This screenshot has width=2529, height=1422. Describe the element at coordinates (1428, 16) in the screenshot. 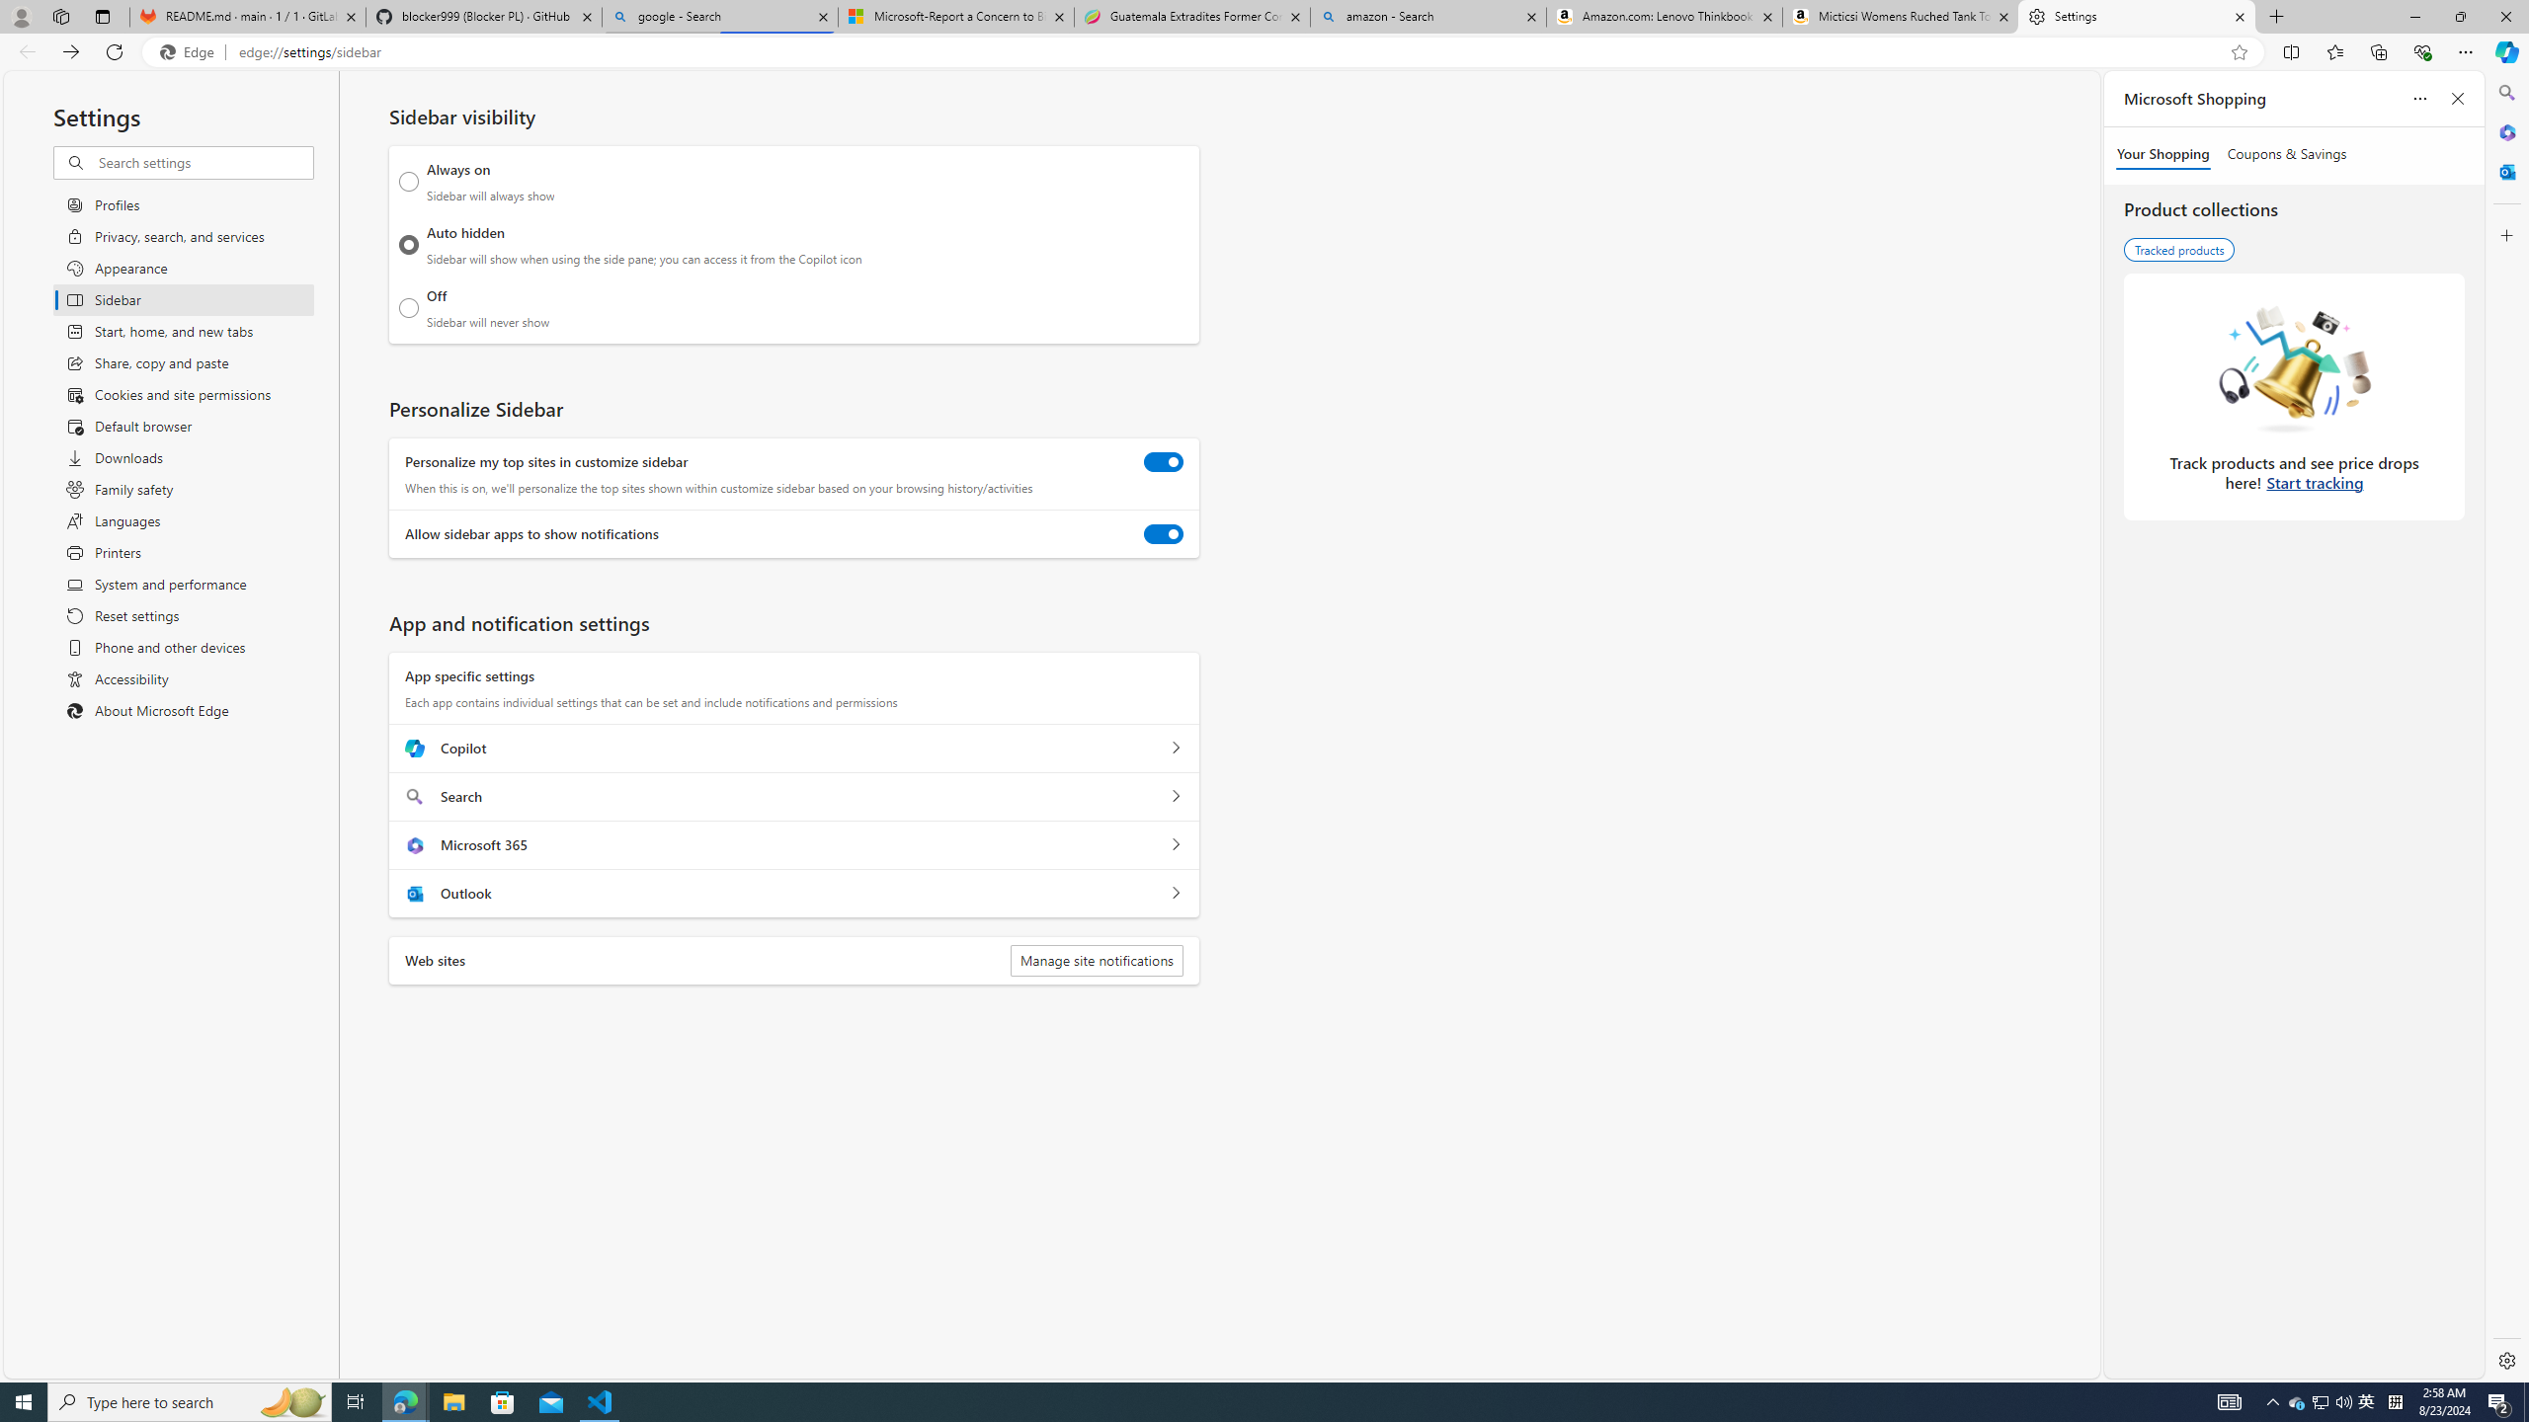

I see `'amazon - Search'` at that location.